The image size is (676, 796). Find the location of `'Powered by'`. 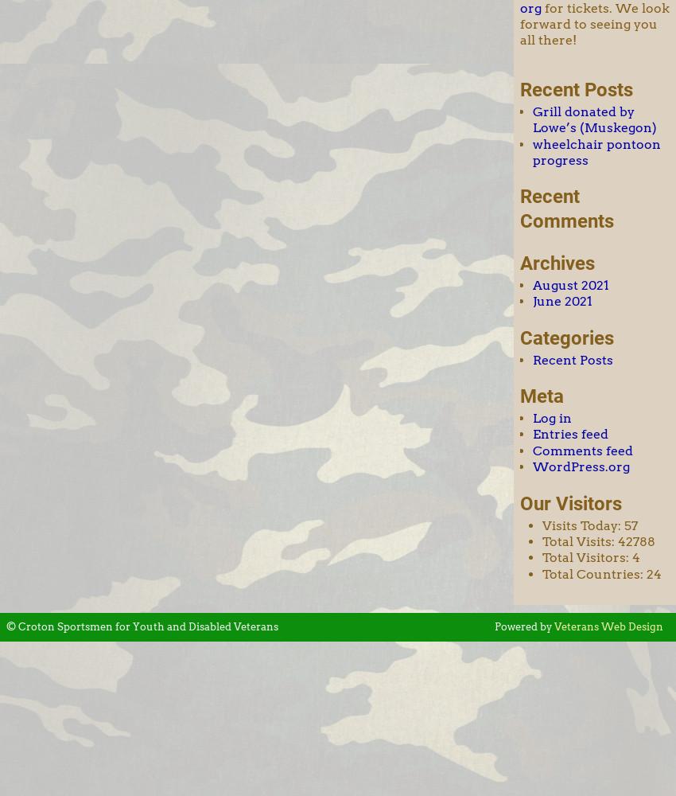

'Powered by' is located at coordinates (523, 626).